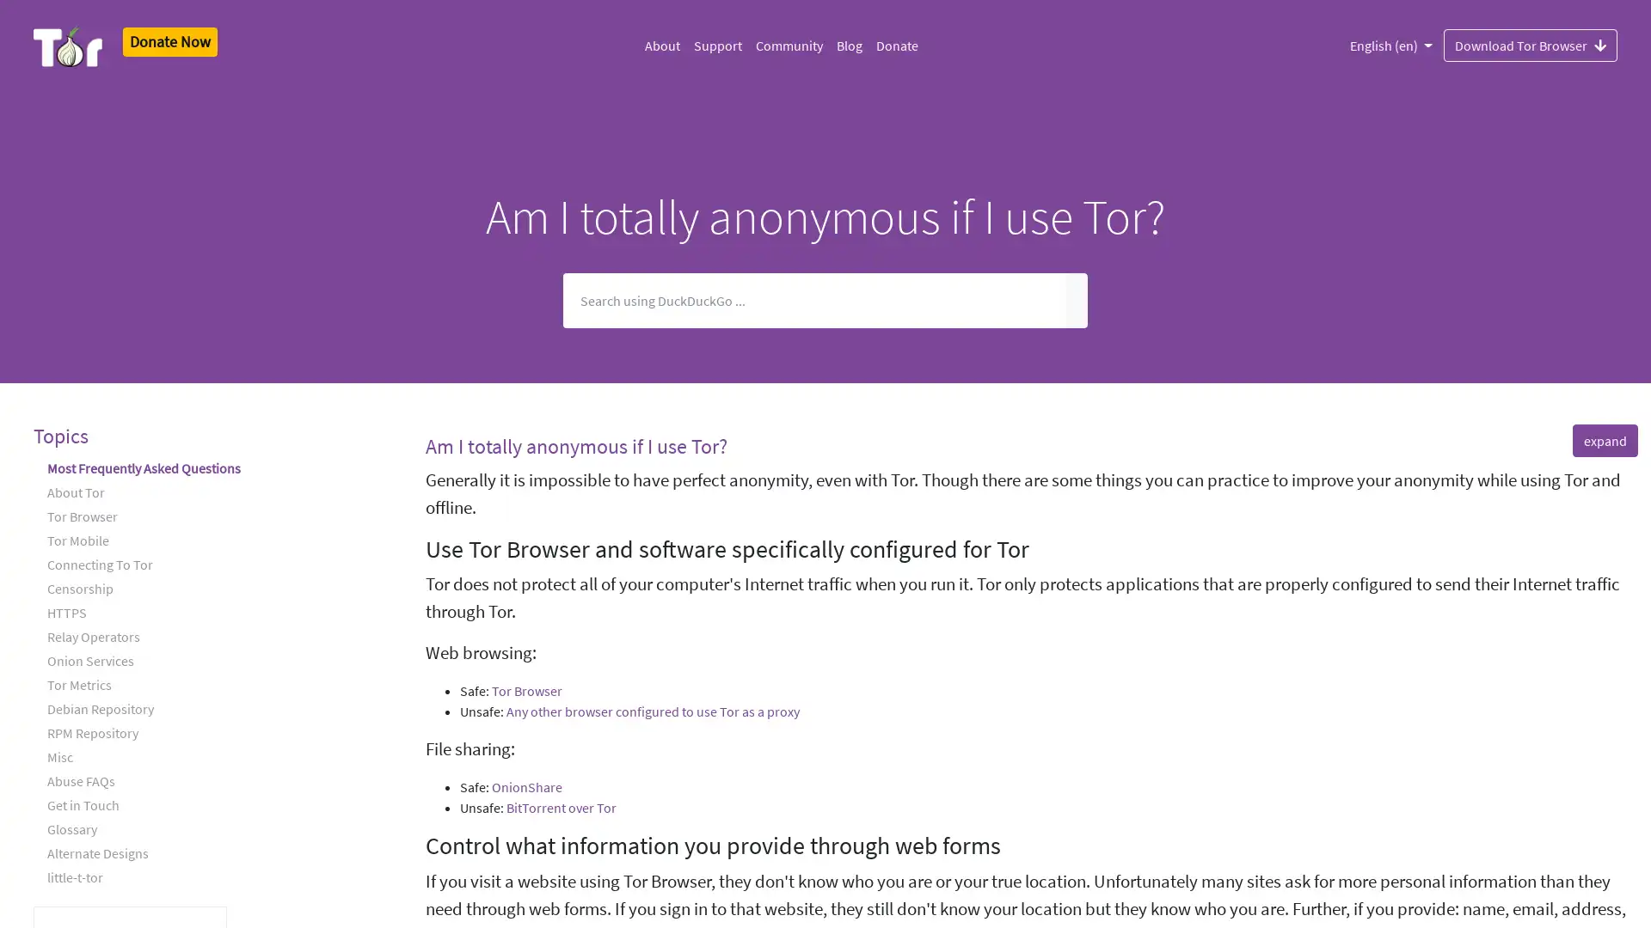 The width and height of the screenshot is (1651, 928). What do you see at coordinates (212, 611) in the screenshot?
I see `HTTPS` at bounding box center [212, 611].